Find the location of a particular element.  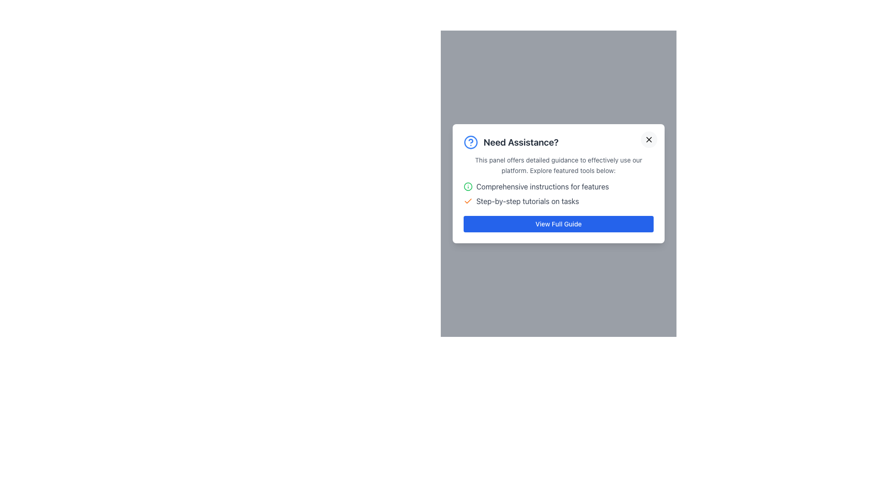

the checkmark icon with an orange stroke color, which indicates a state of success or completion, located in the top portion of the dialog box is located at coordinates (468, 200).